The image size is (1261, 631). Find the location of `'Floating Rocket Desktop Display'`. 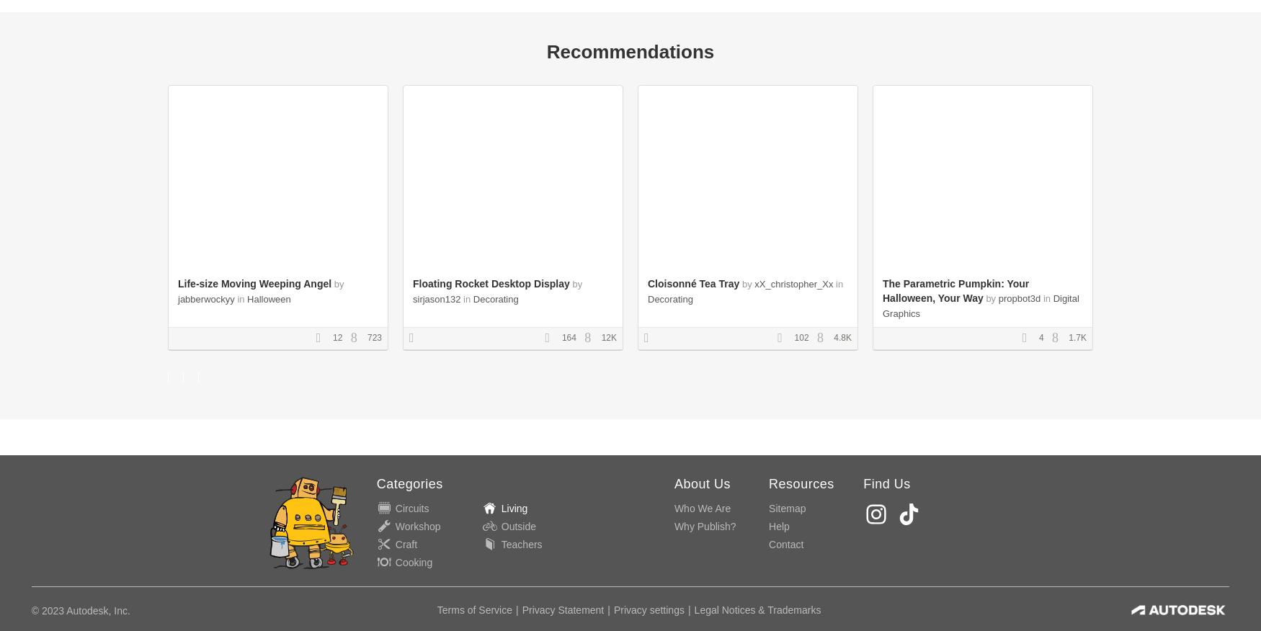

'Floating Rocket Desktop Display' is located at coordinates (490, 284).